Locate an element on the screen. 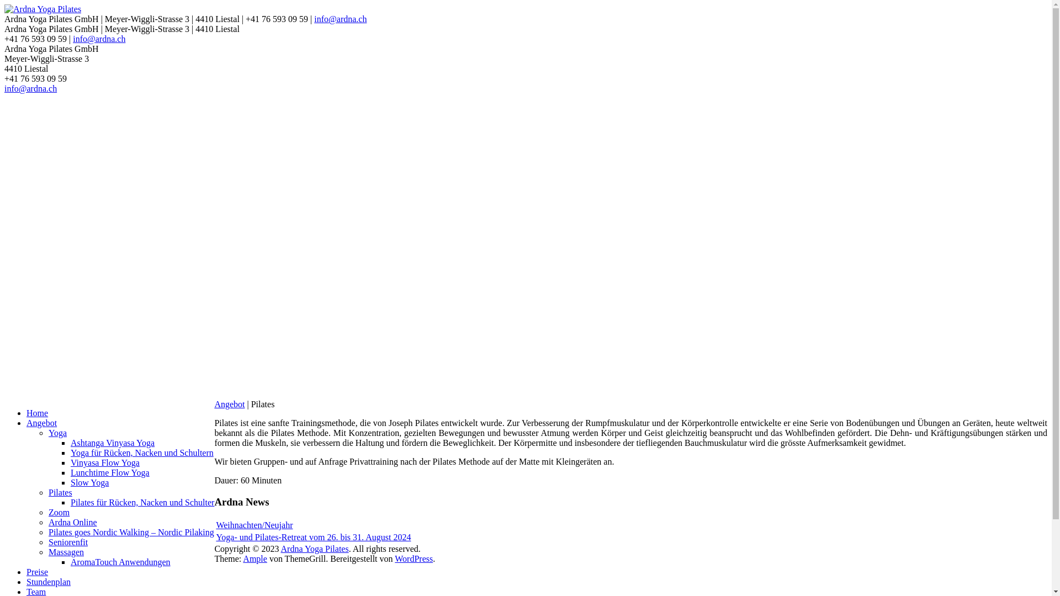 Image resolution: width=1060 pixels, height=596 pixels. 'AromaTouch Anwendungen' is located at coordinates (120, 562).